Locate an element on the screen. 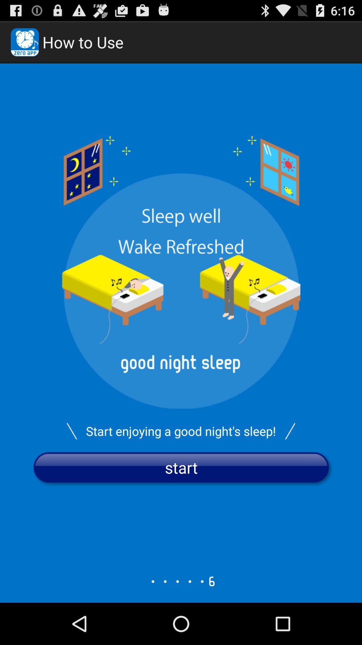  symbol to the left of the text above start button is located at coordinates (72, 431).